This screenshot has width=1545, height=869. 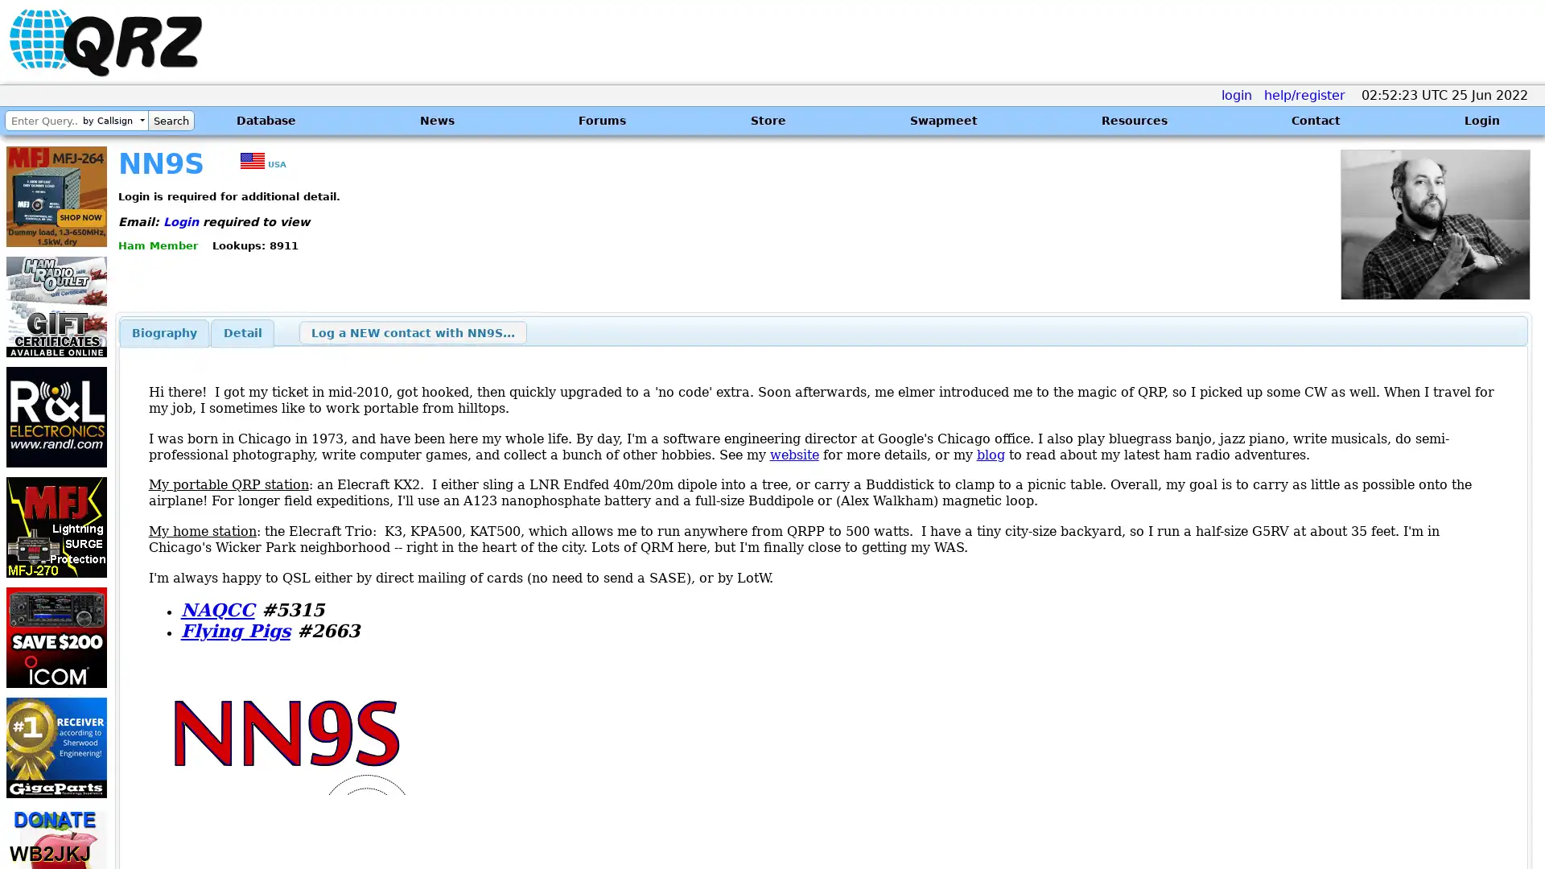 What do you see at coordinates (412, 332) in the screenshot?
I see `Log a NEW contact with NN9S...` at bounding box center [412, 332].